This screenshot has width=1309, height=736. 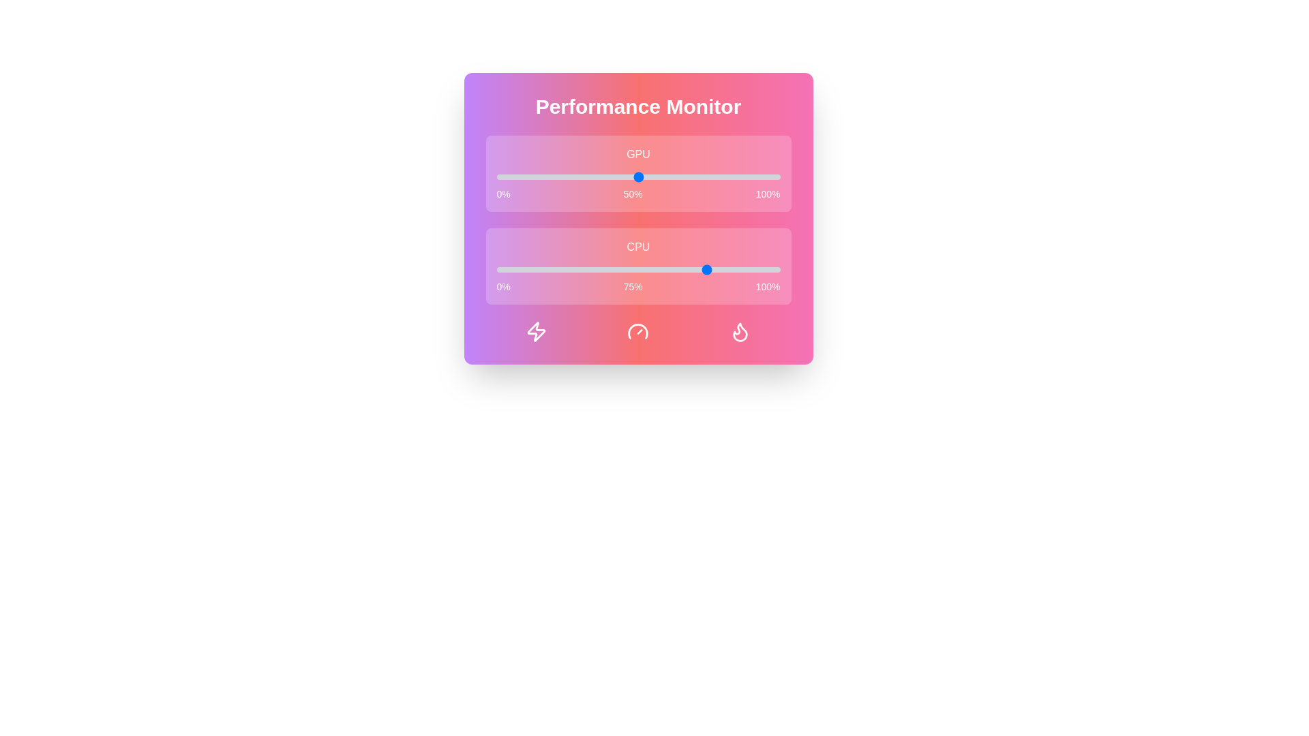 What do you see at coordinates (772, 270) in the screenshot?
I see `the CPU performance slider to 97%` at bounding box center [772, 270].